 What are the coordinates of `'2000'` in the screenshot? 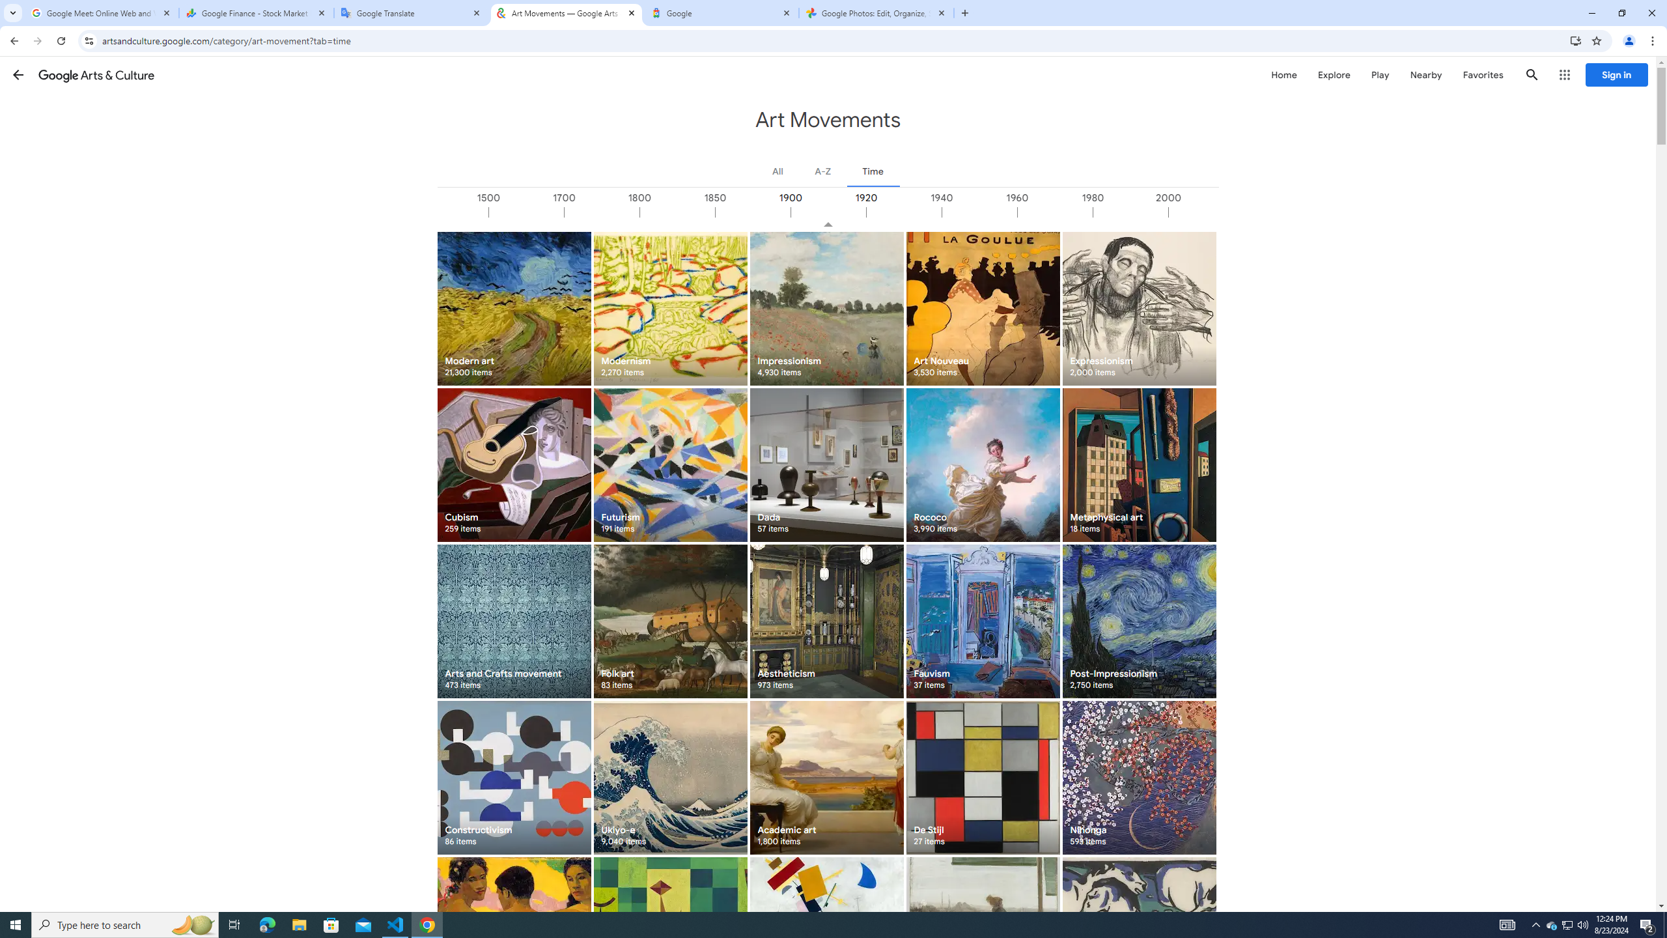 It's located at (1205, 212).